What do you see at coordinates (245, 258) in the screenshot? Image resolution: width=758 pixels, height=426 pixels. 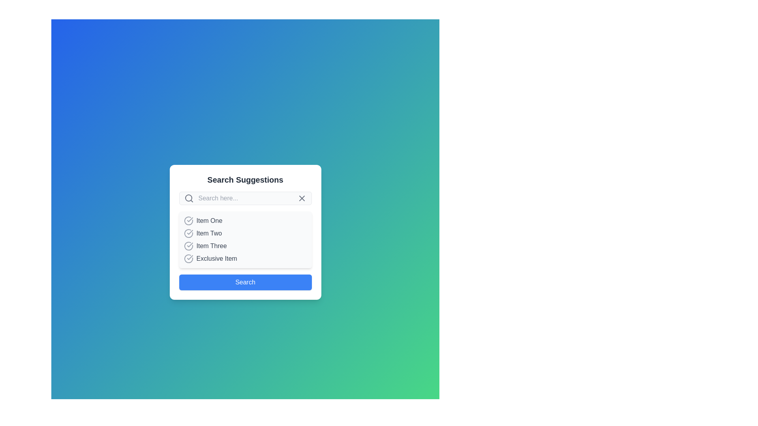 I see `'Exclusive Item' list item located directly below 'Item Three' in the 'Search Suggestions' overlay by clicking on it` at bounding box center [245, 258].